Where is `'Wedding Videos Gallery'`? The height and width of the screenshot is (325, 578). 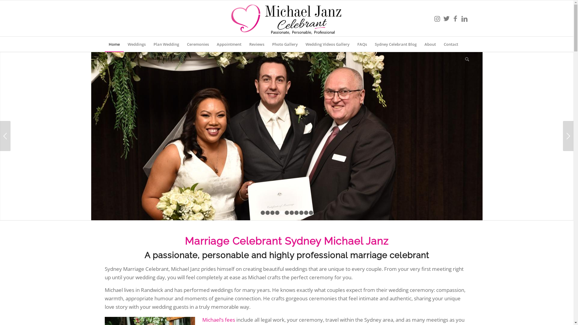 'Wedding Videos Gallery' is located at coordinates (327, 44).